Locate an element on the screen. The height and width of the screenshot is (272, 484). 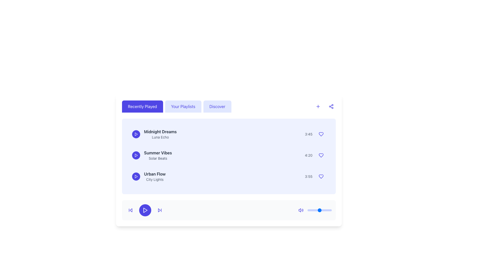
the slider is located at coordinates (324, 210).